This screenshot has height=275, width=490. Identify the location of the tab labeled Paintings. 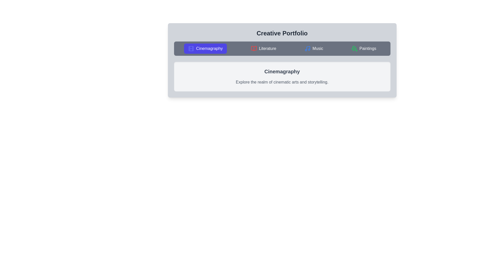
(363, 49).